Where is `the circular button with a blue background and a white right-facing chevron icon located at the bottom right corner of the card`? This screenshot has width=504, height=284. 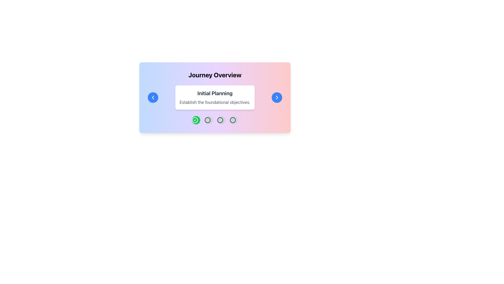
the circular button with a blue background and a white right-facing chevron icon located at the bottom right corner of the card is located at coordinates (277, 97).